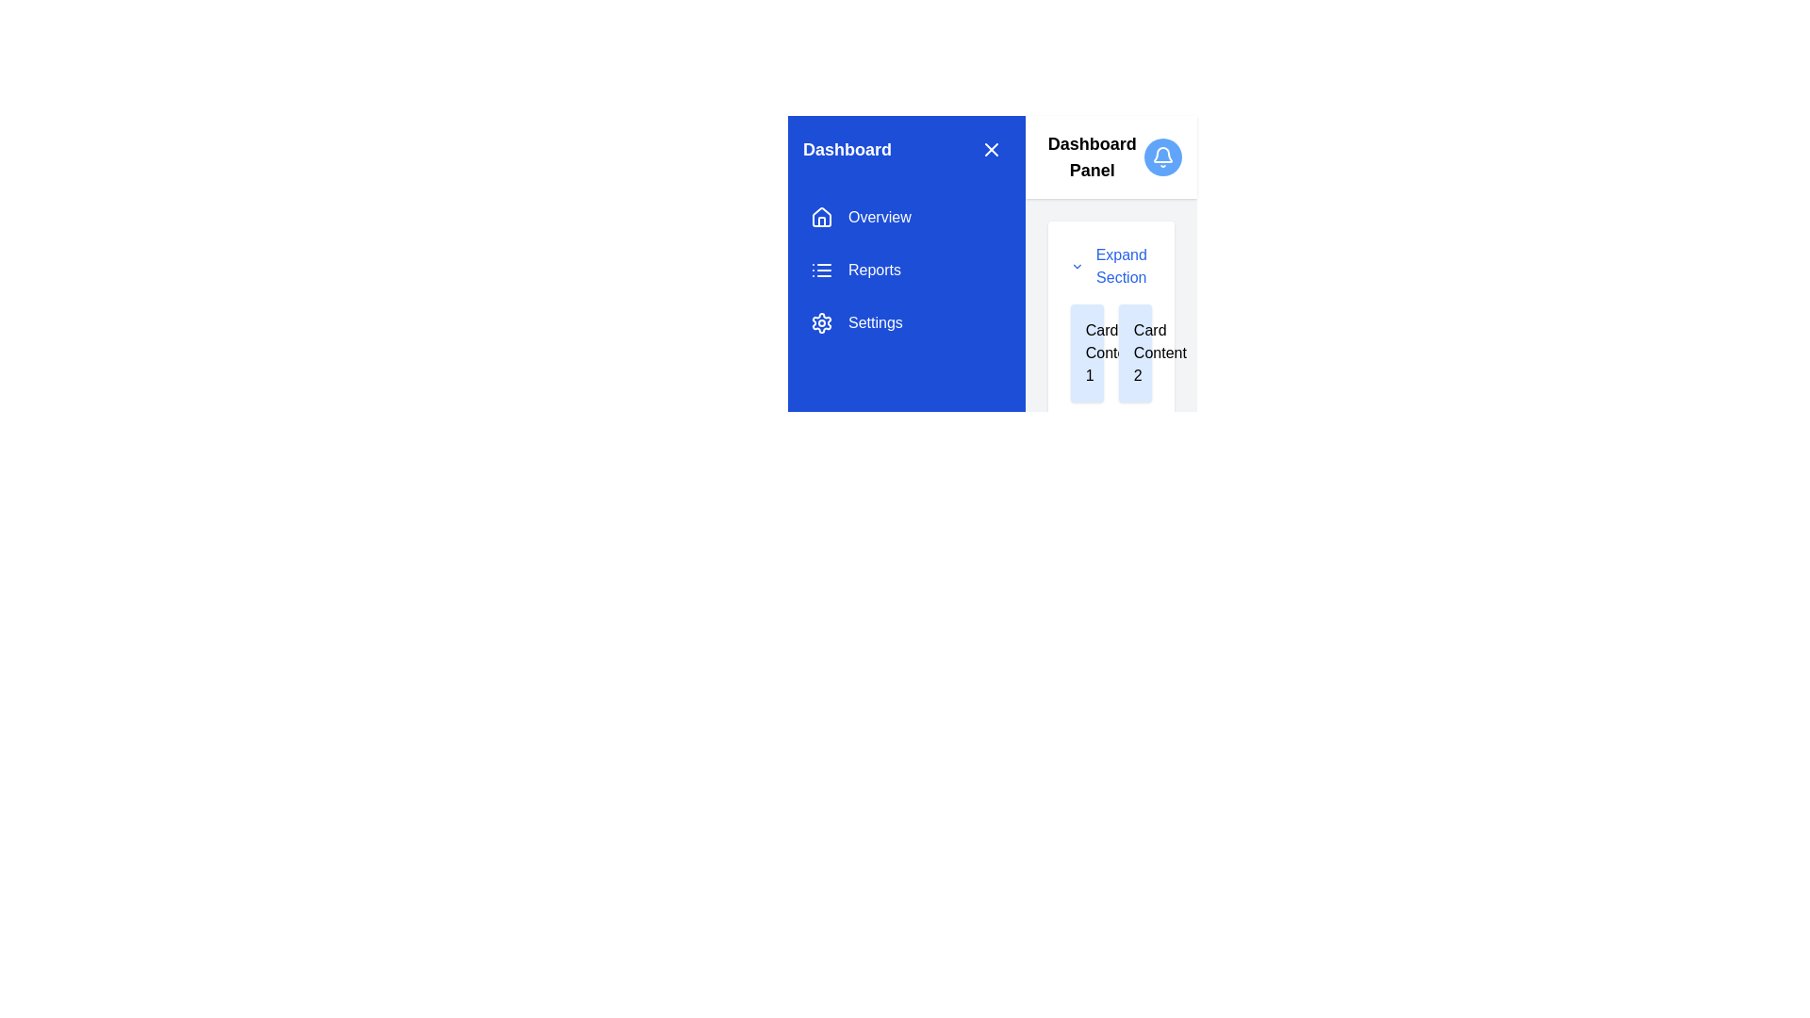  I want to click on the 'Card Content 2' text label within the card component located on the right-hand side of the interface, which summarizes the contents of the associated card, so click(1134, 353).